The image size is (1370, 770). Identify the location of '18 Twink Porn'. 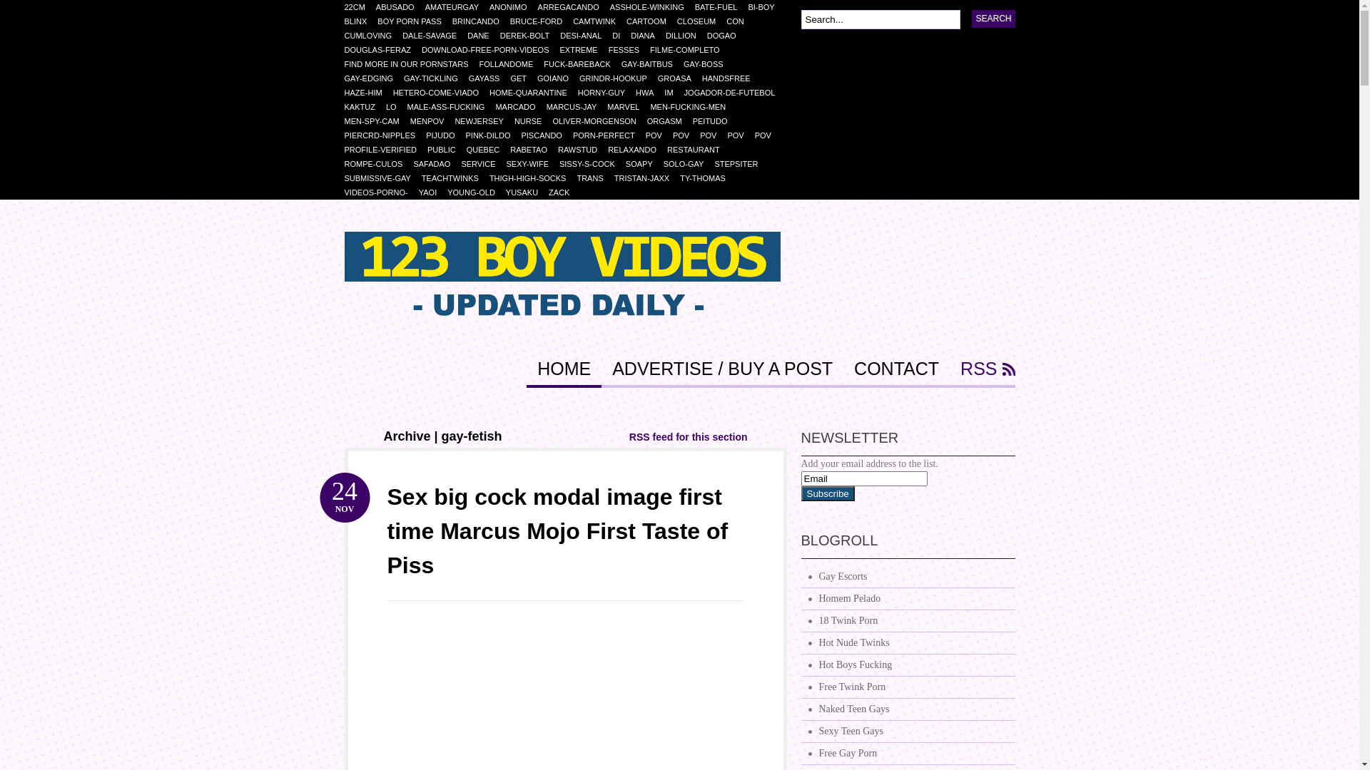
(907, 620).